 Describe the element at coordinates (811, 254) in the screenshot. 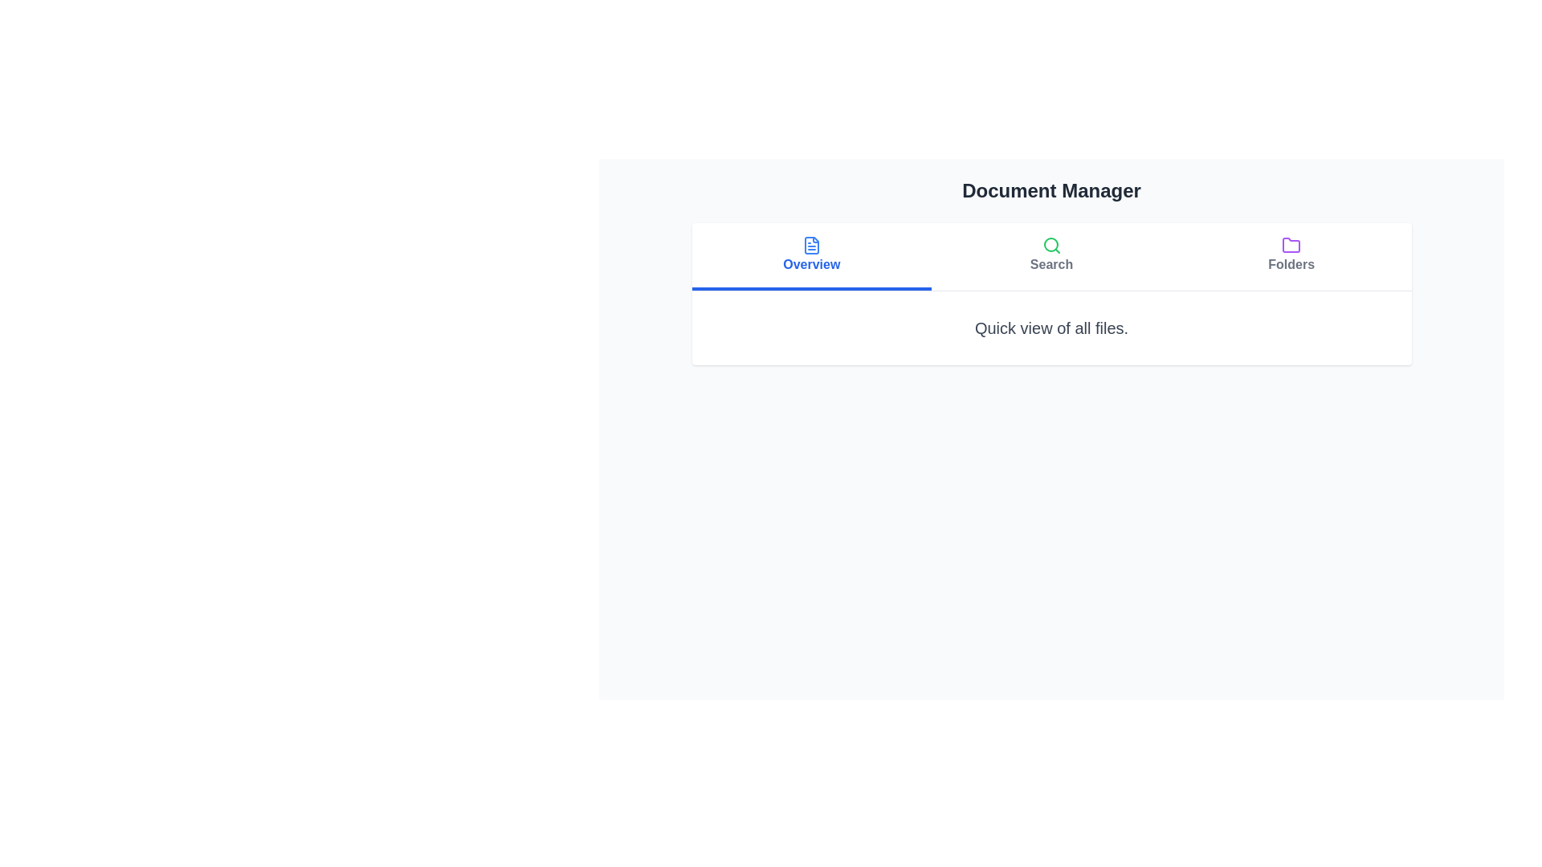

I see `the Navigation tab icon` at that location.